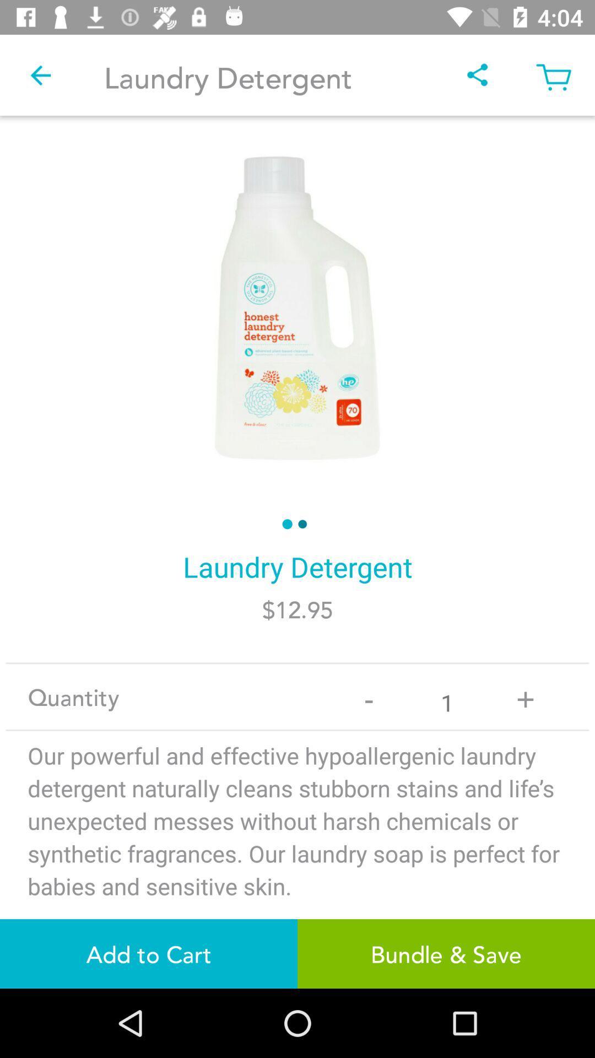  Describe the element at coordinates (446, 953) in the screenshot. I see `the bundle & save at the bottom right corner` at that location.